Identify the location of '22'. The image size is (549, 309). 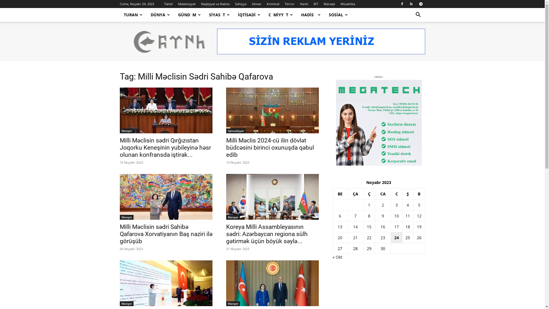
(367, 237).